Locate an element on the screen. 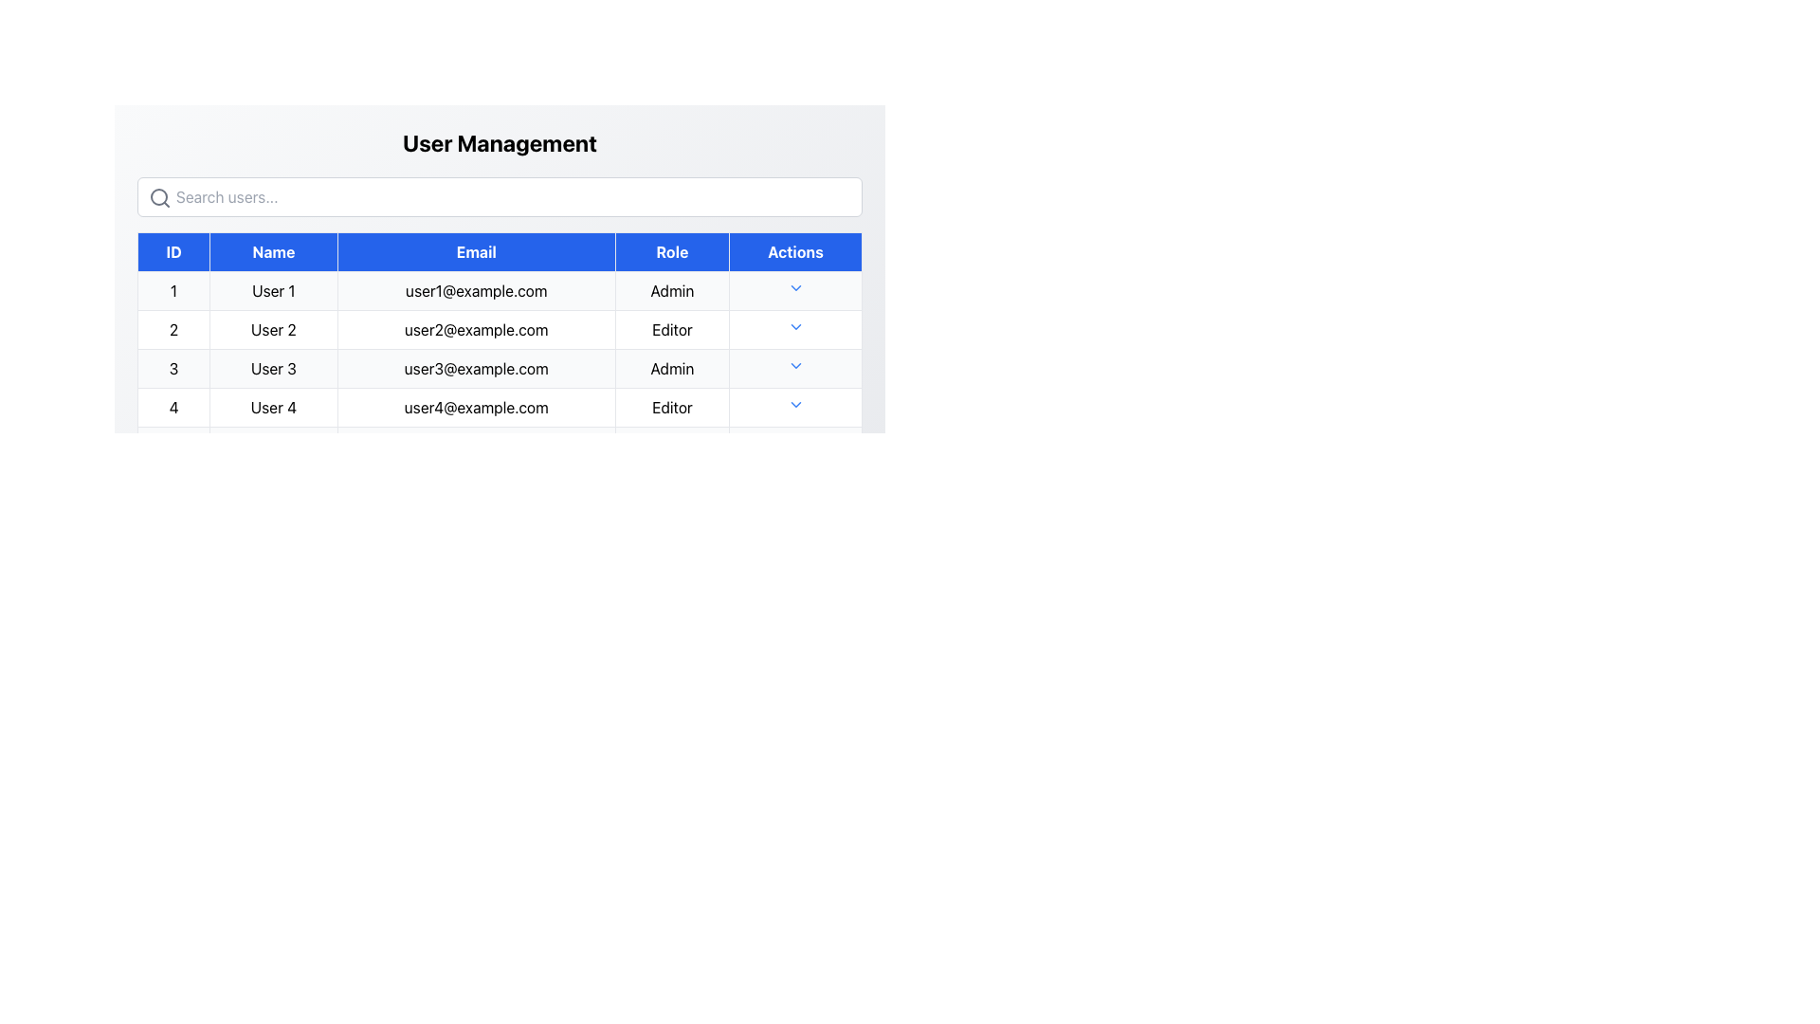 Image resolution: width=1820 pixels, height=1024 pixels. the numeric text label '4' in the first column of the fourth row of the table is located at coordinates (173, 406).